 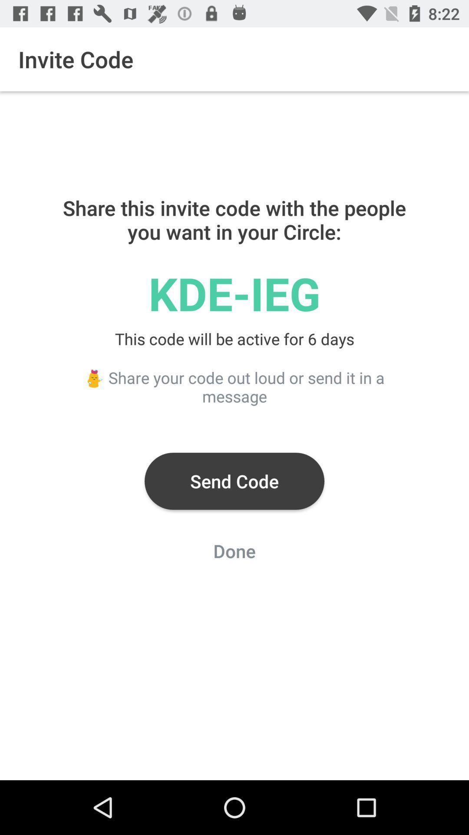 What do you see at coordinates (234, 553) in the screenshot?
I see `done item` at bounding box center [234, 553].